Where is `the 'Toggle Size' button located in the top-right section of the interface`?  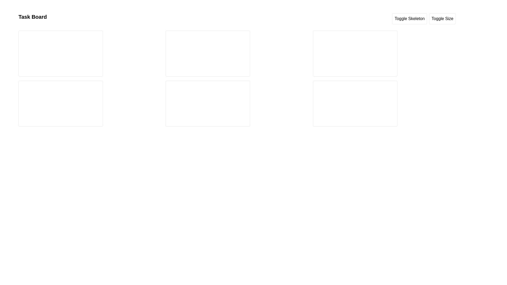 the 'Toggle Size' button located in the top-right section of the interface is located at coordinates (442, 18).